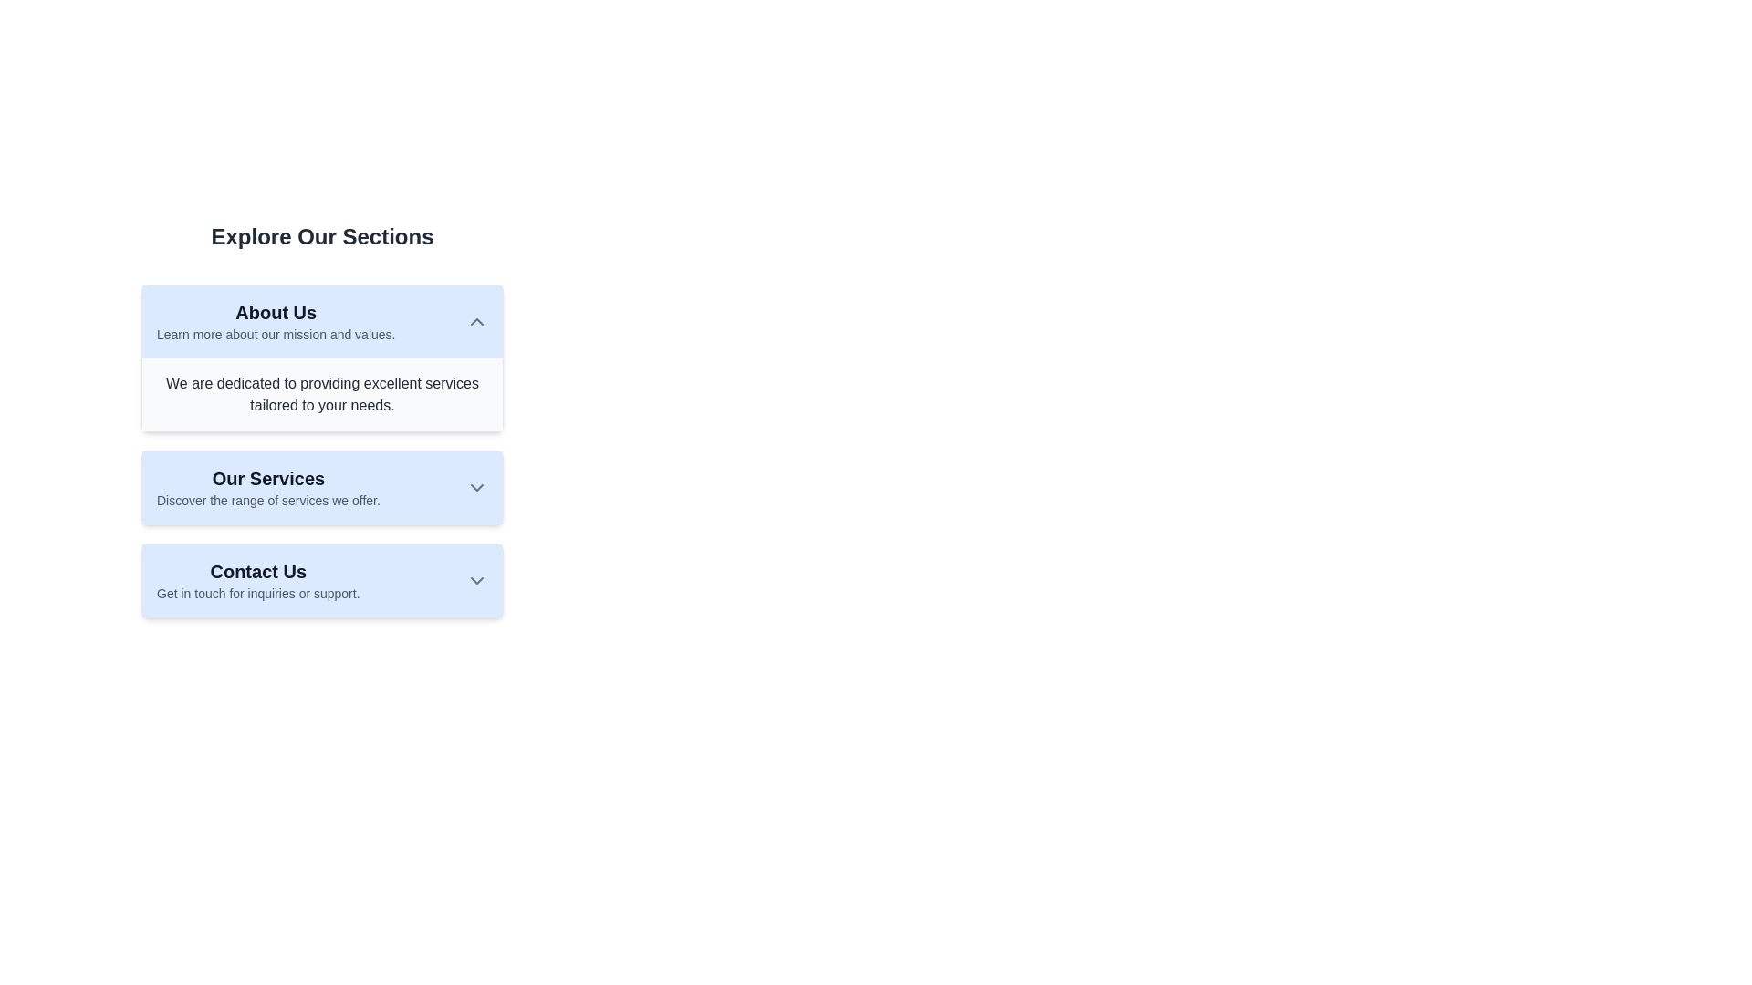 The image size is (1752, 985). I want to click on the 'Contact Us' label, which features a bold headline and a smaller description text within a rounded, light blue box, located under the heading 'Explore Our Sections', so click(257, 580).